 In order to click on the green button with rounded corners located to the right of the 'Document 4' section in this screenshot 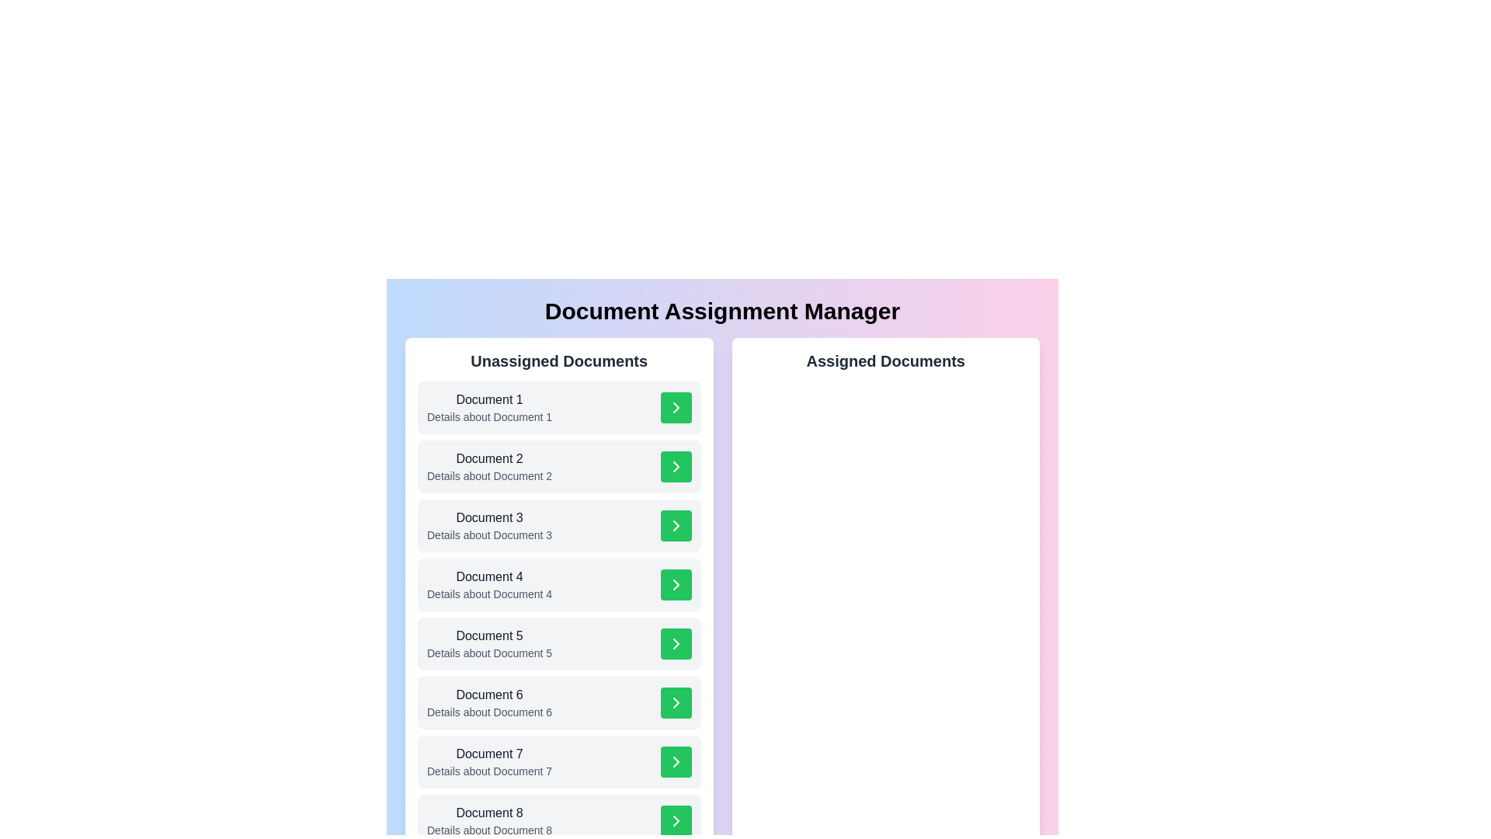, I will do `click(676, 584)`.